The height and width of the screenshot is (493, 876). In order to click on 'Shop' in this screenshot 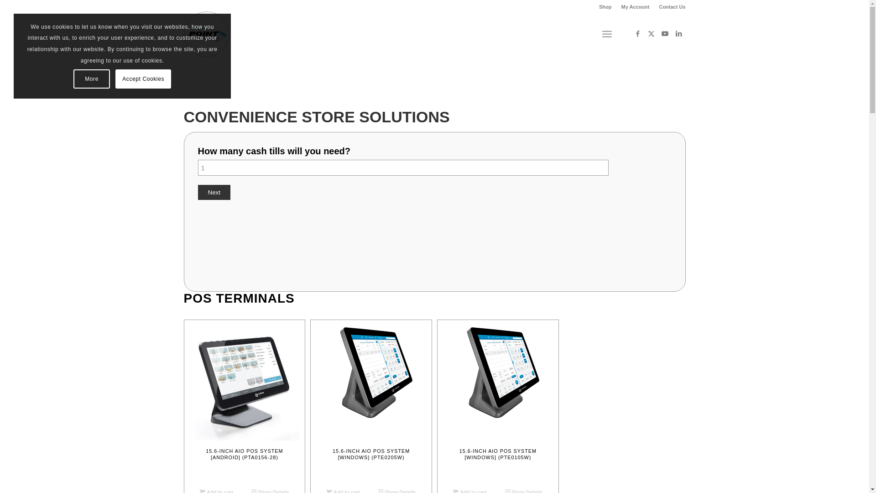, I will do `click(605, 7)`.